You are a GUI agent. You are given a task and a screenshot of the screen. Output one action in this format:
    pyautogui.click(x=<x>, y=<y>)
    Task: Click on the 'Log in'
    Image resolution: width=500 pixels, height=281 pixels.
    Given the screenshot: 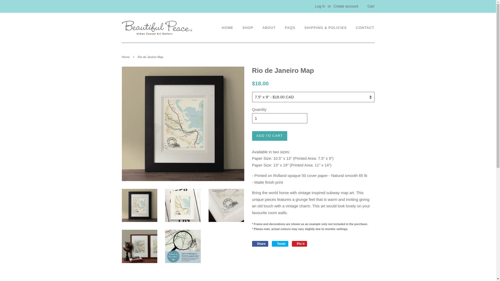 What is the action you would take?
    pyautogui.click(x=320, y=6)
    